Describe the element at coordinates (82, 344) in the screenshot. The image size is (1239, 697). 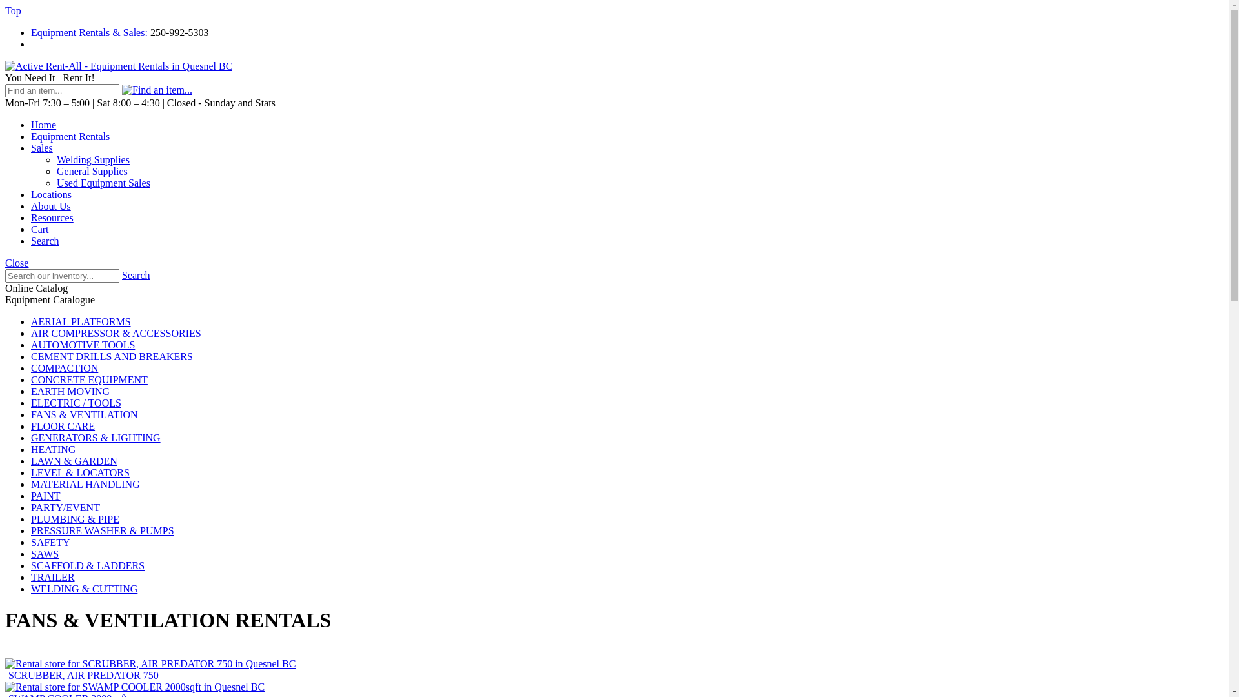
I see `'AUTOMOTIVE TOOLS'` at that location.